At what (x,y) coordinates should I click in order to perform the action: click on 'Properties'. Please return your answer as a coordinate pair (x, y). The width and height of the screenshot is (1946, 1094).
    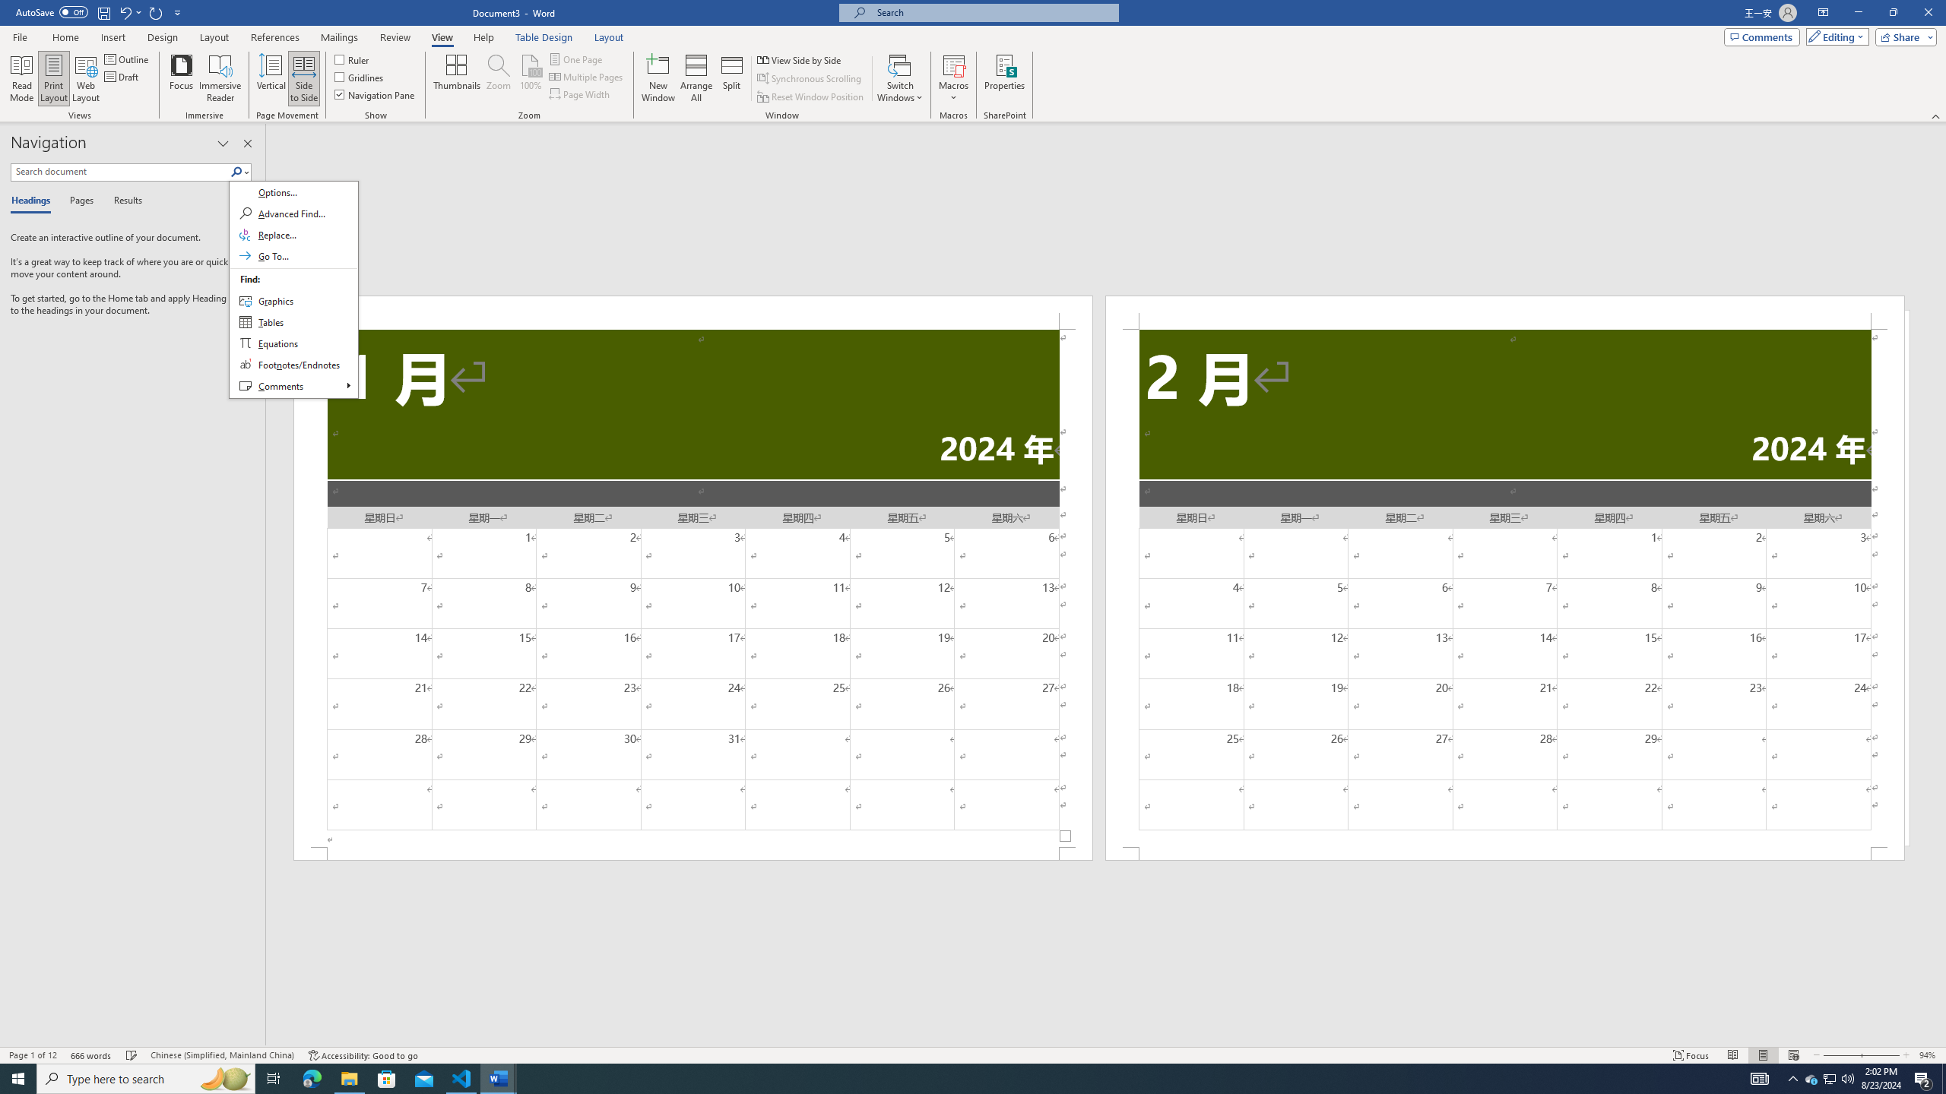
    Looking at the image, I should click on (1004, 78).